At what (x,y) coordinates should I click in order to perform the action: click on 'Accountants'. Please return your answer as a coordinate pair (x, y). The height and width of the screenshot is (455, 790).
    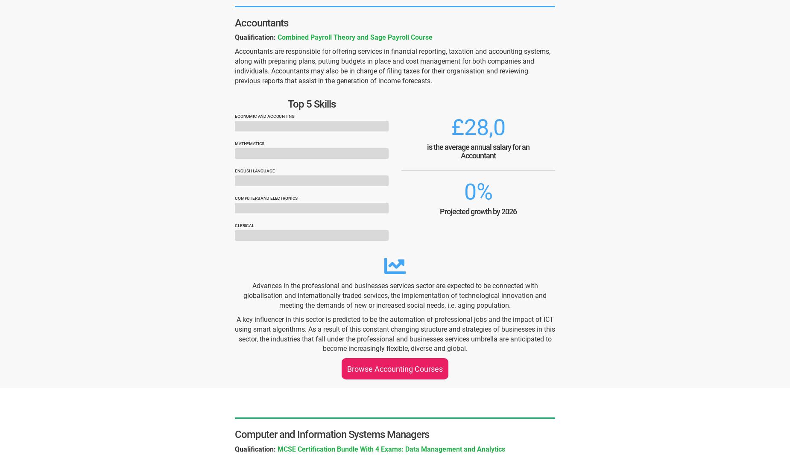
    Looking at the image, I should click on (261, 22).